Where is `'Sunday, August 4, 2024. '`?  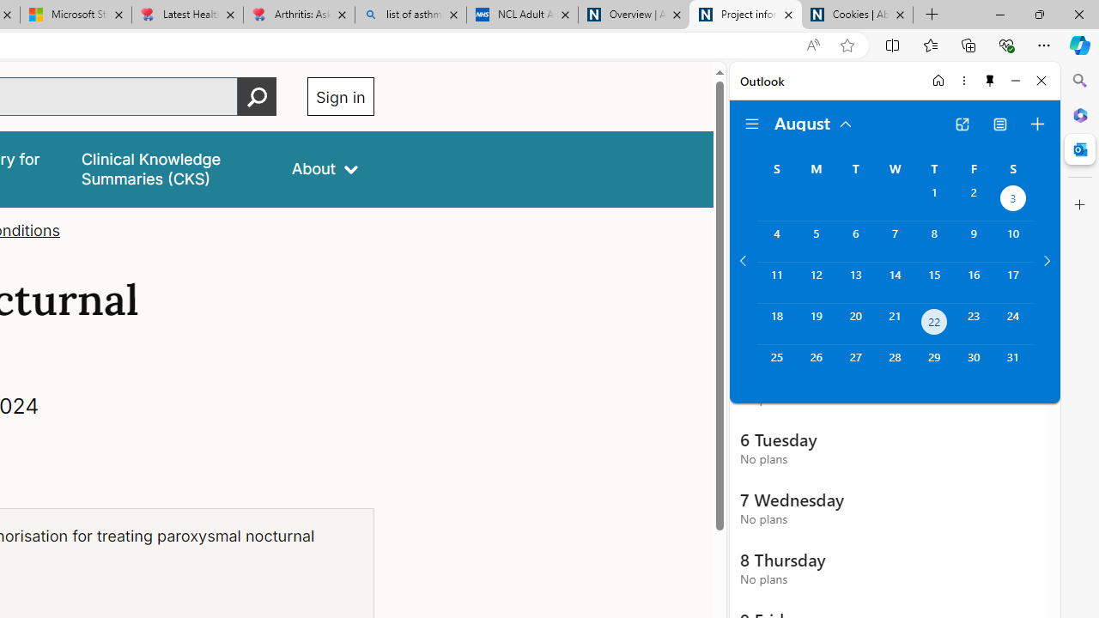 'Sunday, August 4, 2024. ' is located at coordinates (775, 241).